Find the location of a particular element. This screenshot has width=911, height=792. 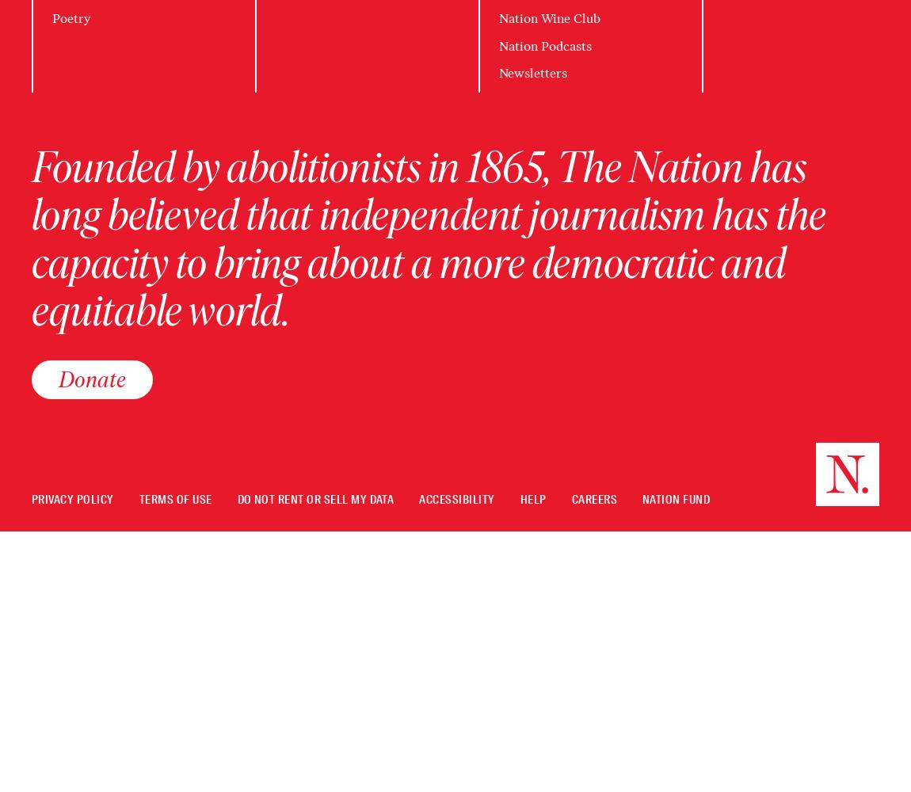

'Founded by abolitionists in 1865, The Nation has long believed that independent journalism has the capacity to bring about a more democratic and equitable world.' is located at coordinates (429, 238).